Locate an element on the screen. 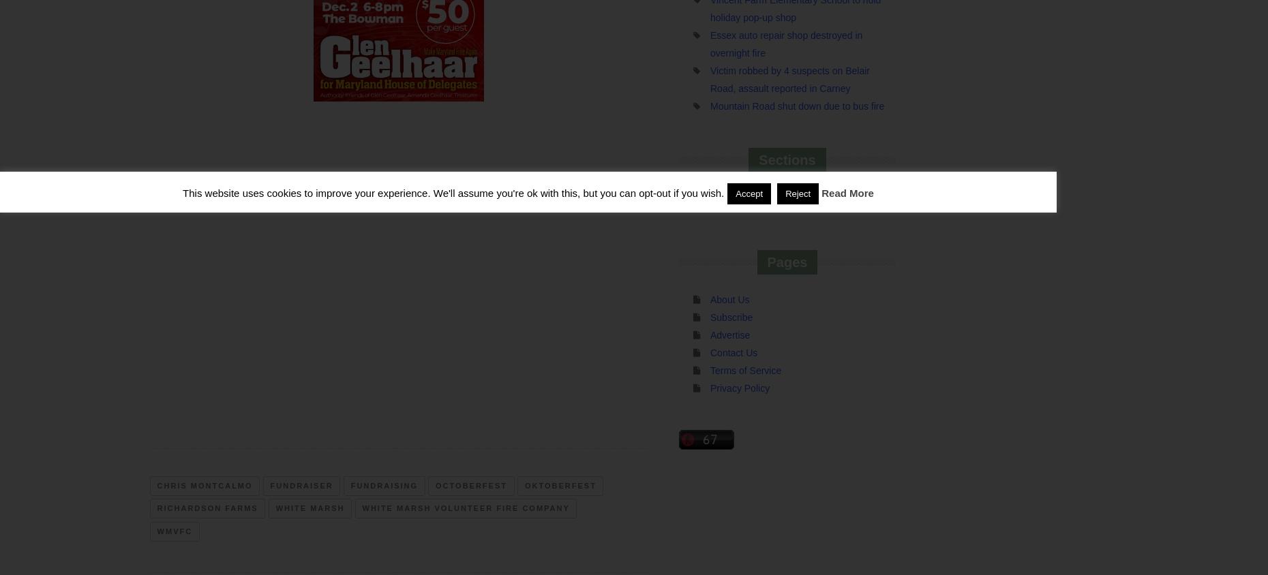 The width and height of the screenshot is (1268, 575). 'Contact Us' is located at coordinates (734, 352).